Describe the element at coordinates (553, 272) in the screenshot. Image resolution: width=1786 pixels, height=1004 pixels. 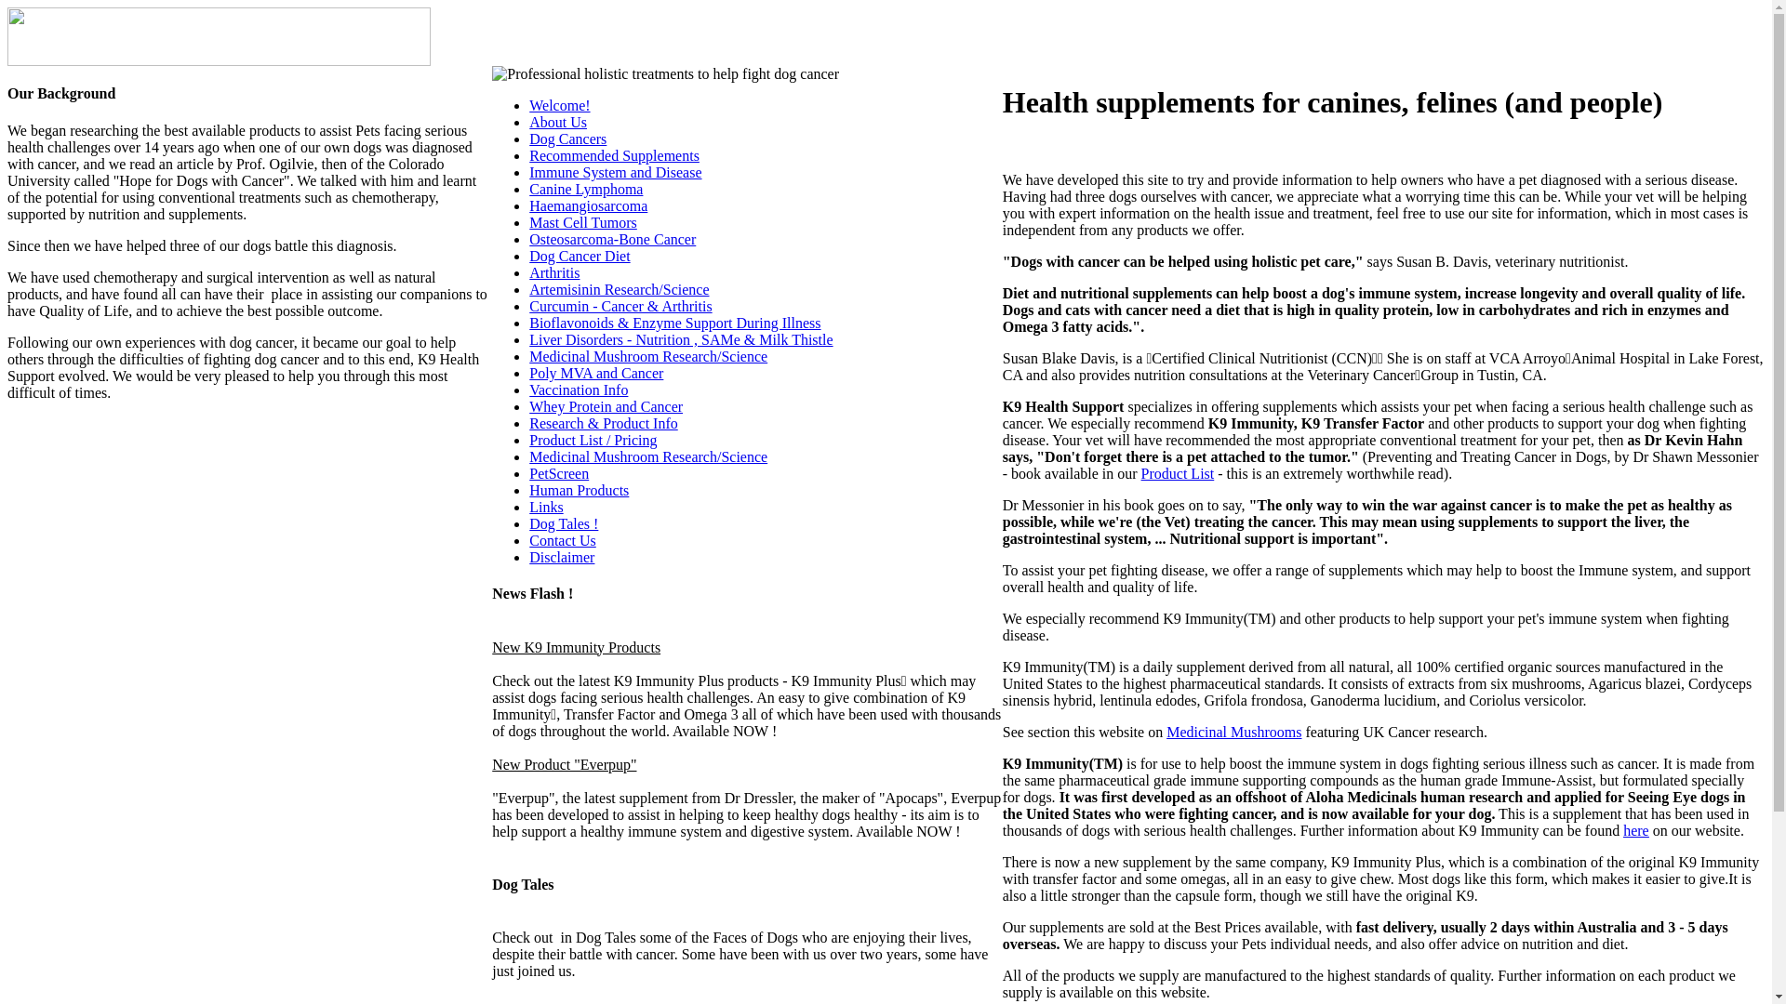
I see `'Arthritis'` at that location.